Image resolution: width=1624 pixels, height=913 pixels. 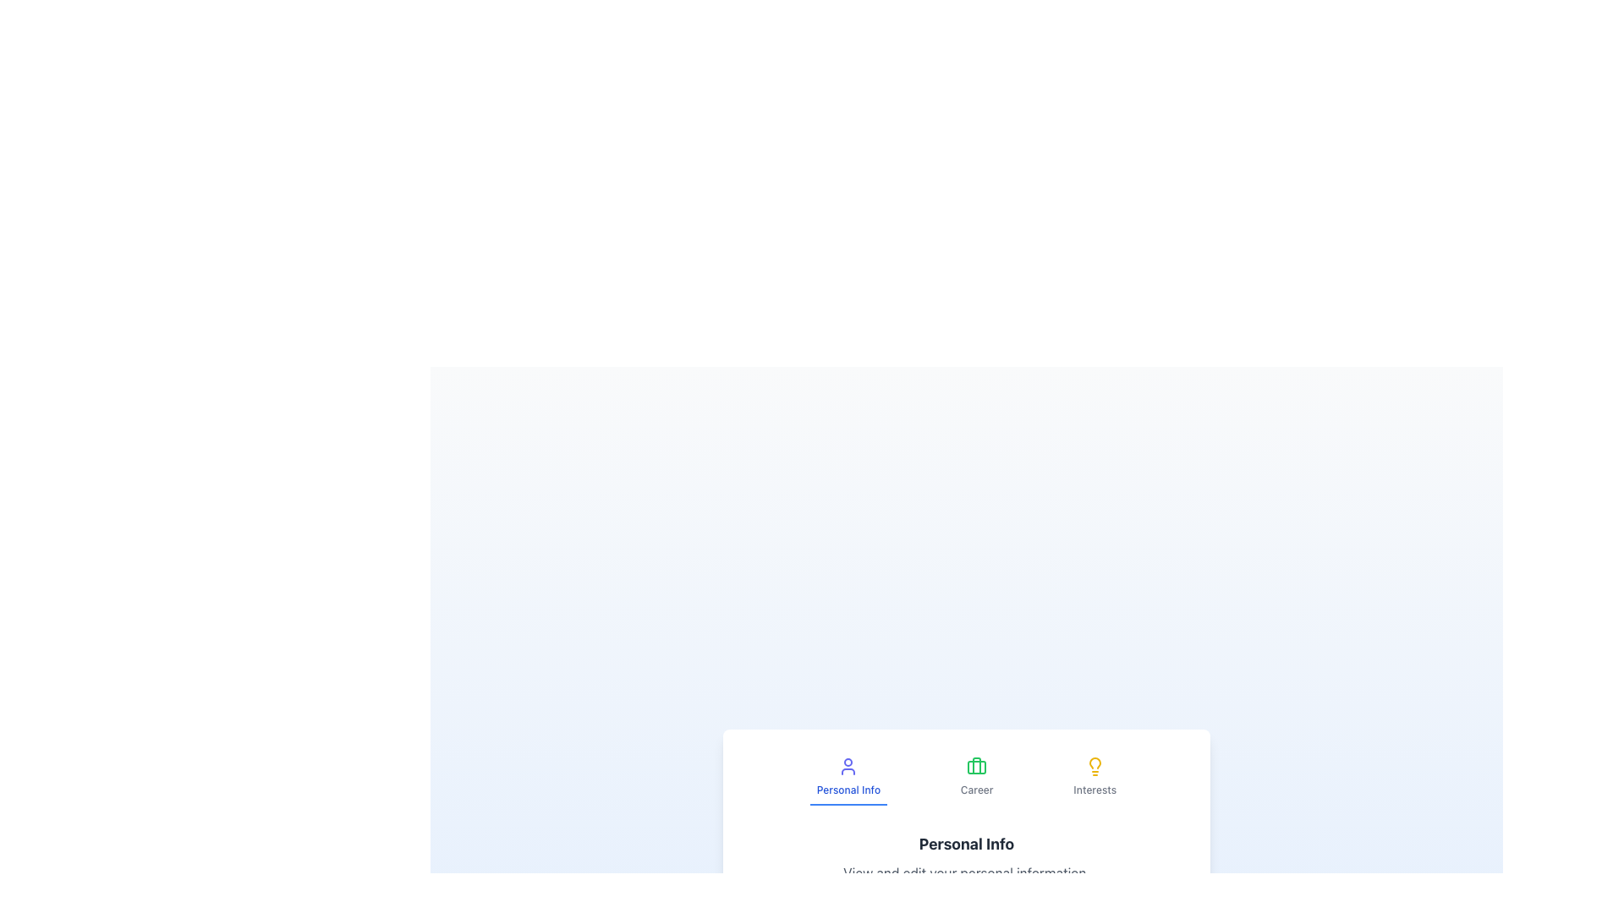 I want to click on the 'Career' navigation item, which features a green briefcase icon above the gray text label, located as the second item in the horizontal menu at the top of the interface, so click(x=977, y=778).